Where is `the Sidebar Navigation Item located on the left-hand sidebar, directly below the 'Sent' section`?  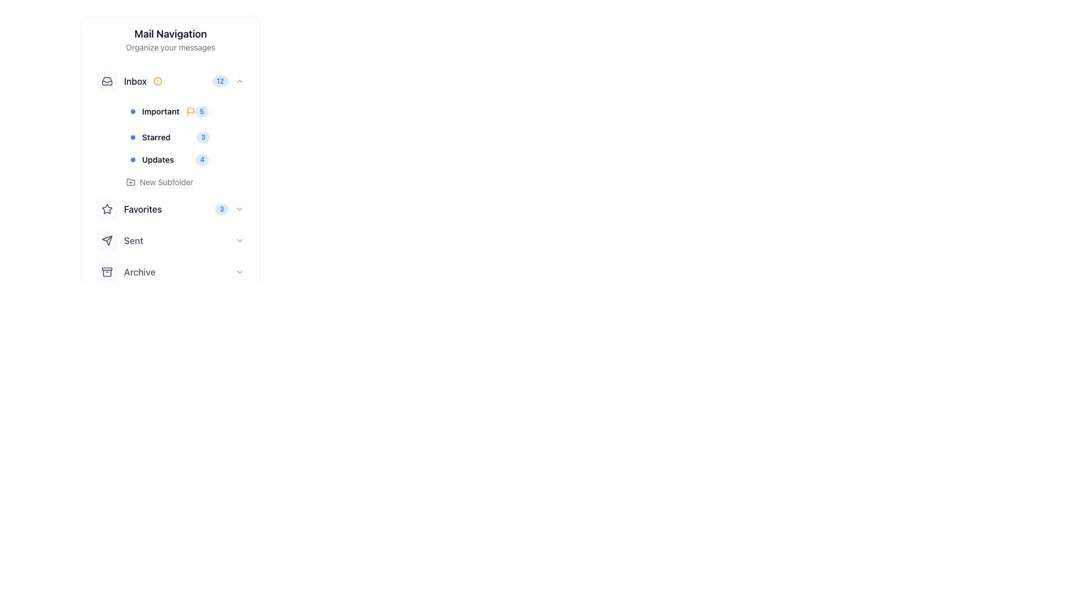 the Sidebar Navigation Item located on the left-hand sidebar, directly below the 'Sent' section is located at coordinates (126, 272).